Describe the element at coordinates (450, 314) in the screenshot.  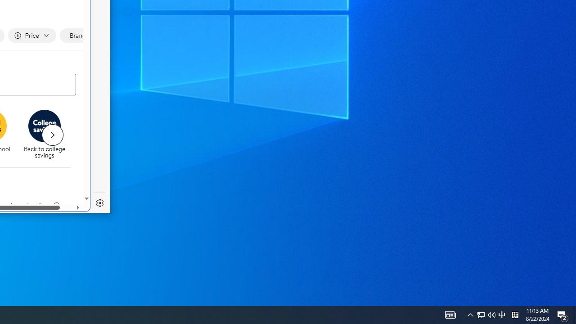
I see `'AutomationID: 4105'` at that location.